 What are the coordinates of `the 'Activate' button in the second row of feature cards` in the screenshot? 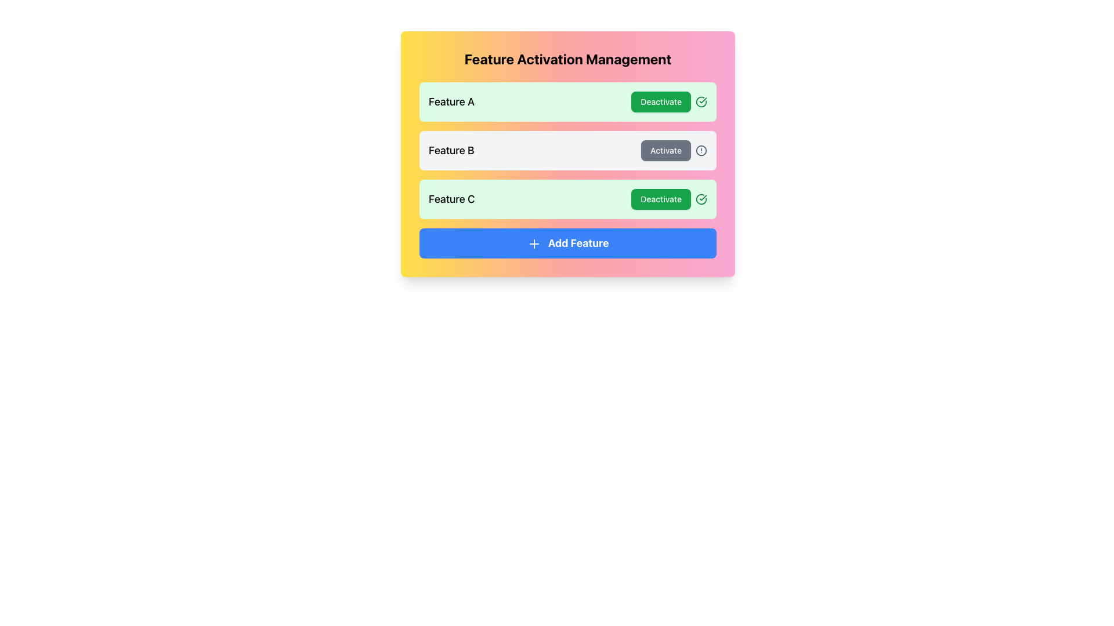 It's located at (568, 154).